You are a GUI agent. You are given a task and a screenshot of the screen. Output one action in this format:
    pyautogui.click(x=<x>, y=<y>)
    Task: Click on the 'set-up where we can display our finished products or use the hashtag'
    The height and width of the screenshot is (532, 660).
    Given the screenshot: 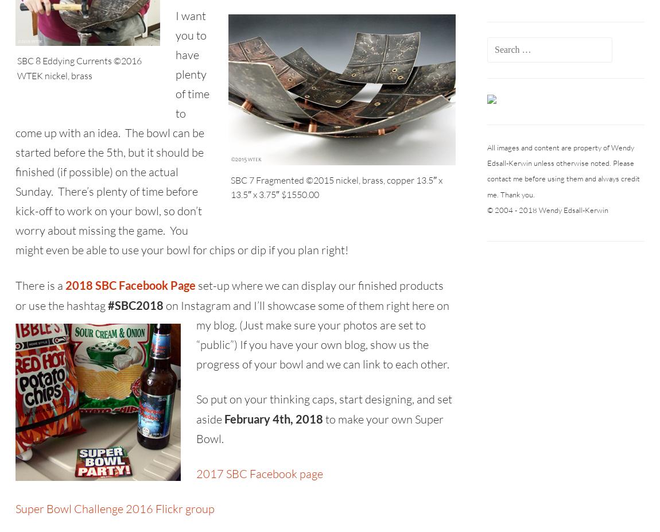 What is the action you would take?
    pyautogui.click(x=229, y=296)
    